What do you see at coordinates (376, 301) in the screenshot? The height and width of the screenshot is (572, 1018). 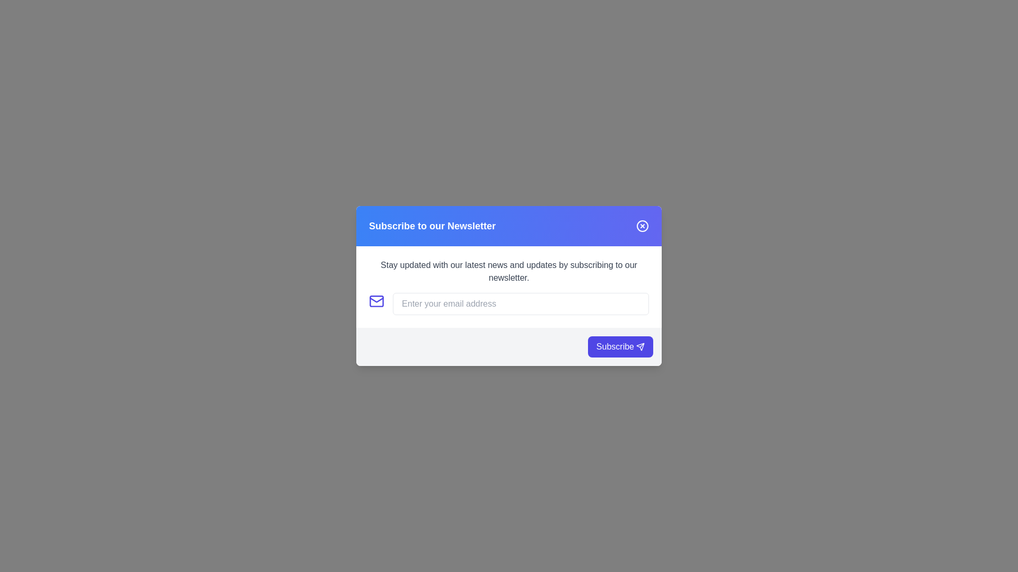 I see `the email icon next to the input field` at bounding box center [376, 301].